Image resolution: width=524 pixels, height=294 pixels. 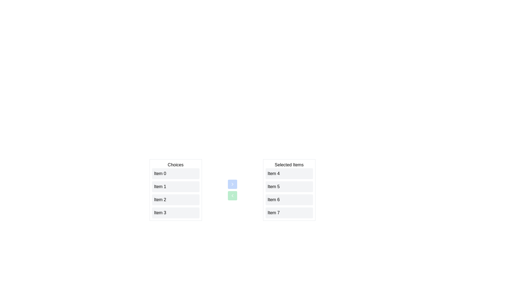 I want to click on the Text Label that identifies 'Item 6' in the 'Selected Items' list located on the right panel of the interface, so click(x=273, y=200).